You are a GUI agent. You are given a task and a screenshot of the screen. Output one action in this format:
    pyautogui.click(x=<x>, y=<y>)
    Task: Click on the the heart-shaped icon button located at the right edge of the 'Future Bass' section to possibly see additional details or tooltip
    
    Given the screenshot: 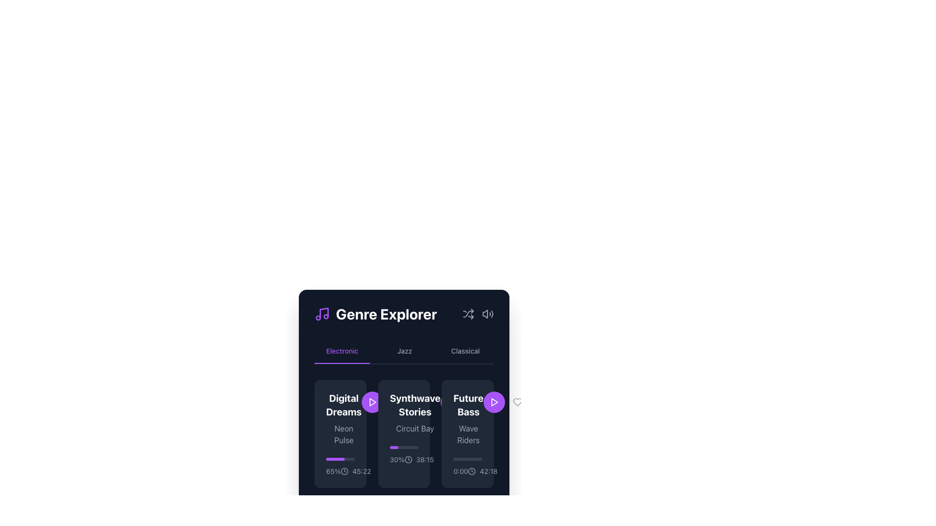 What is the action you would take?
    pyautogui.click(x=474, y=402)
    